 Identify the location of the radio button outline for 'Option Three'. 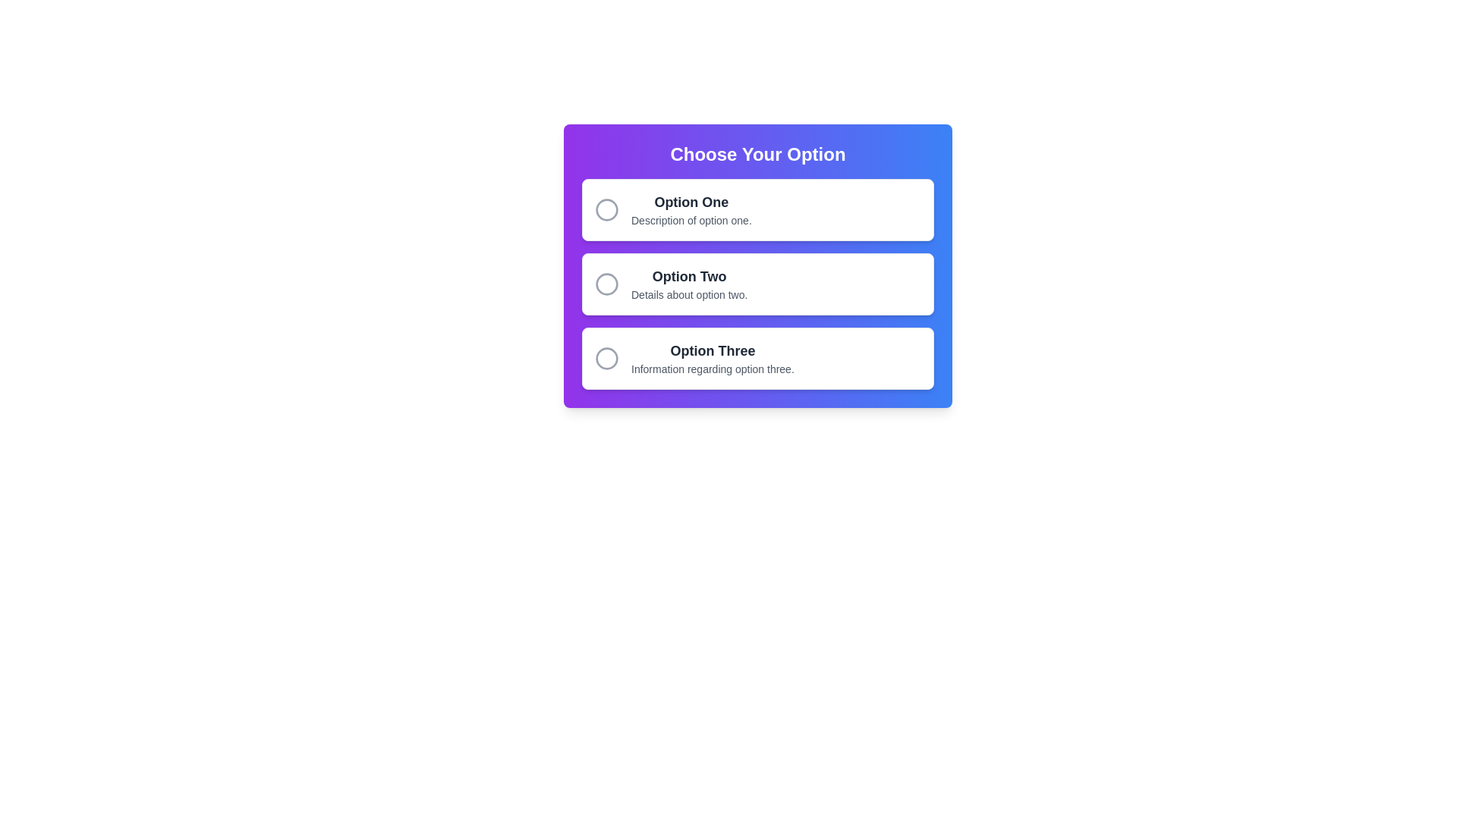
(607, 359).